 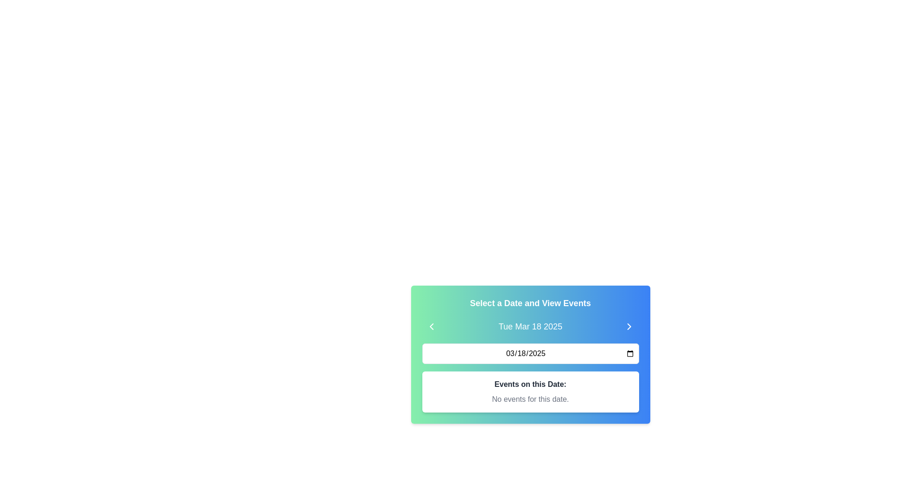 What do you see at coordinates (530, 392) in the screenshot?
I see `the informational panel displaying 'Events on this Date:' with a white rectangular box and rounded borders, located below the date selection interface` at bounding box center [530, 392].